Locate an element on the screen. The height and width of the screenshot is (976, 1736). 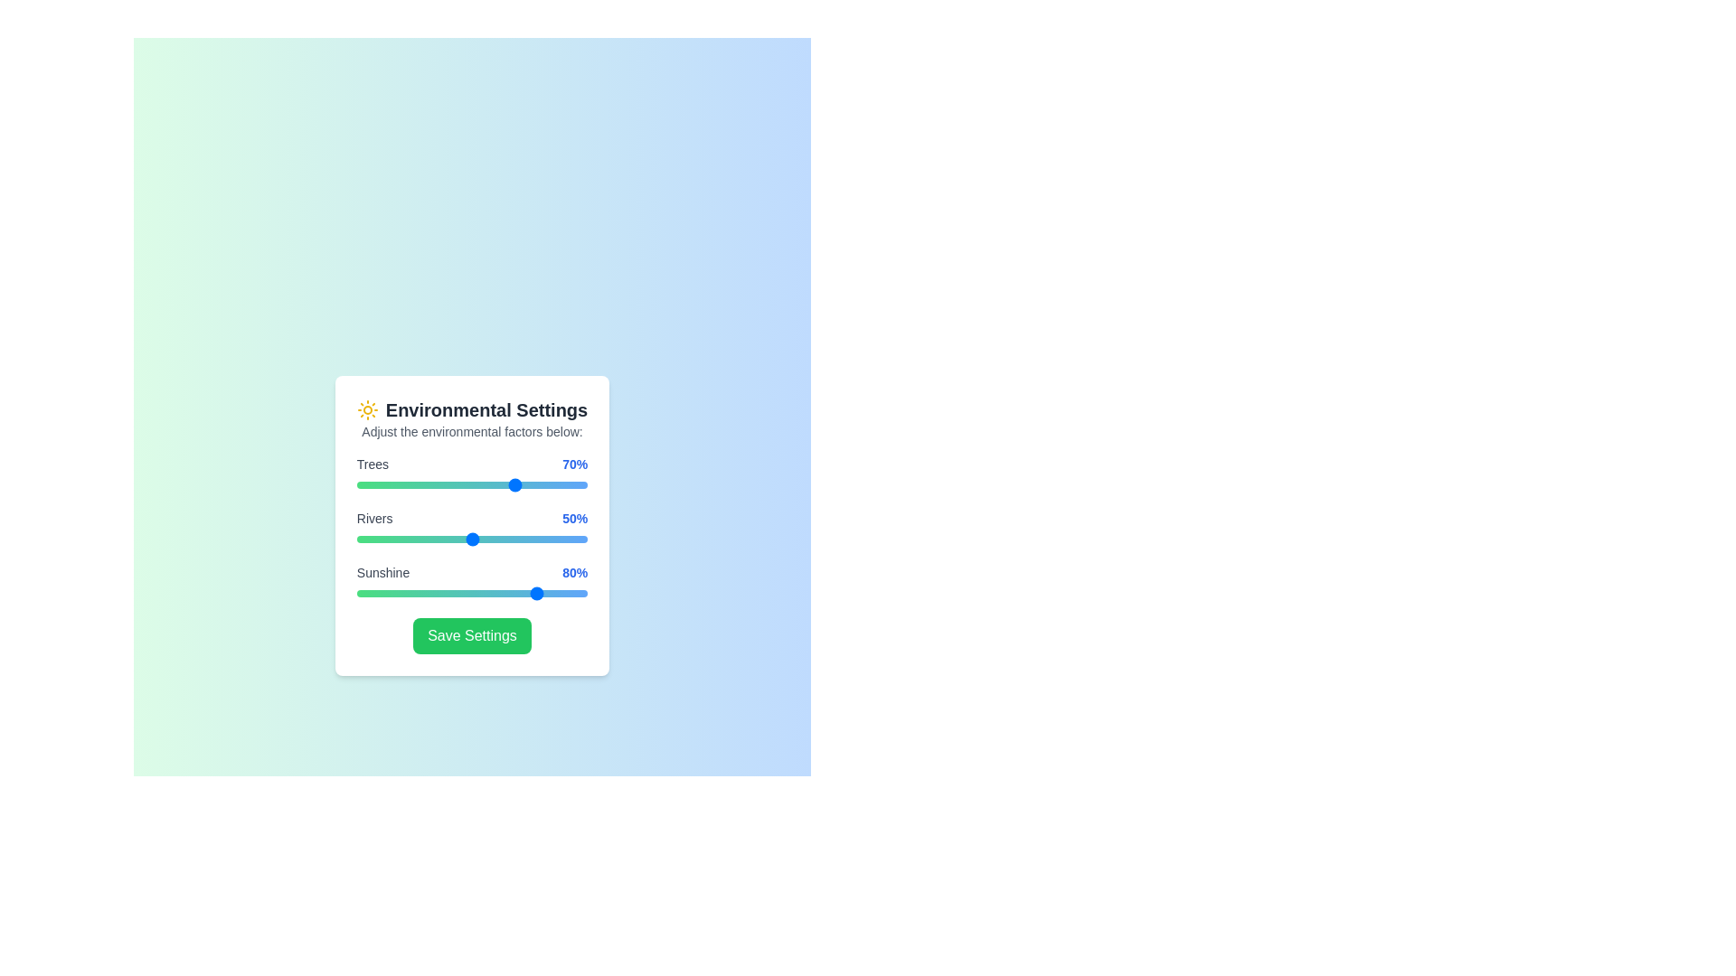
the 0 slider to 1% is located at coordinates (359, 483).